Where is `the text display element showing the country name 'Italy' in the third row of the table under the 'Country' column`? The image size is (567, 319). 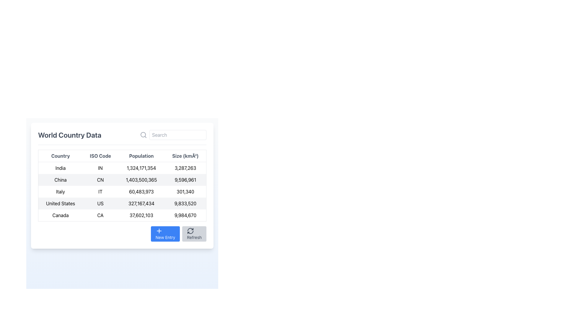
the text display element showing the country name 'Italy' in the third row of the table under the 'Country' column is located at coordinates (60, 191).